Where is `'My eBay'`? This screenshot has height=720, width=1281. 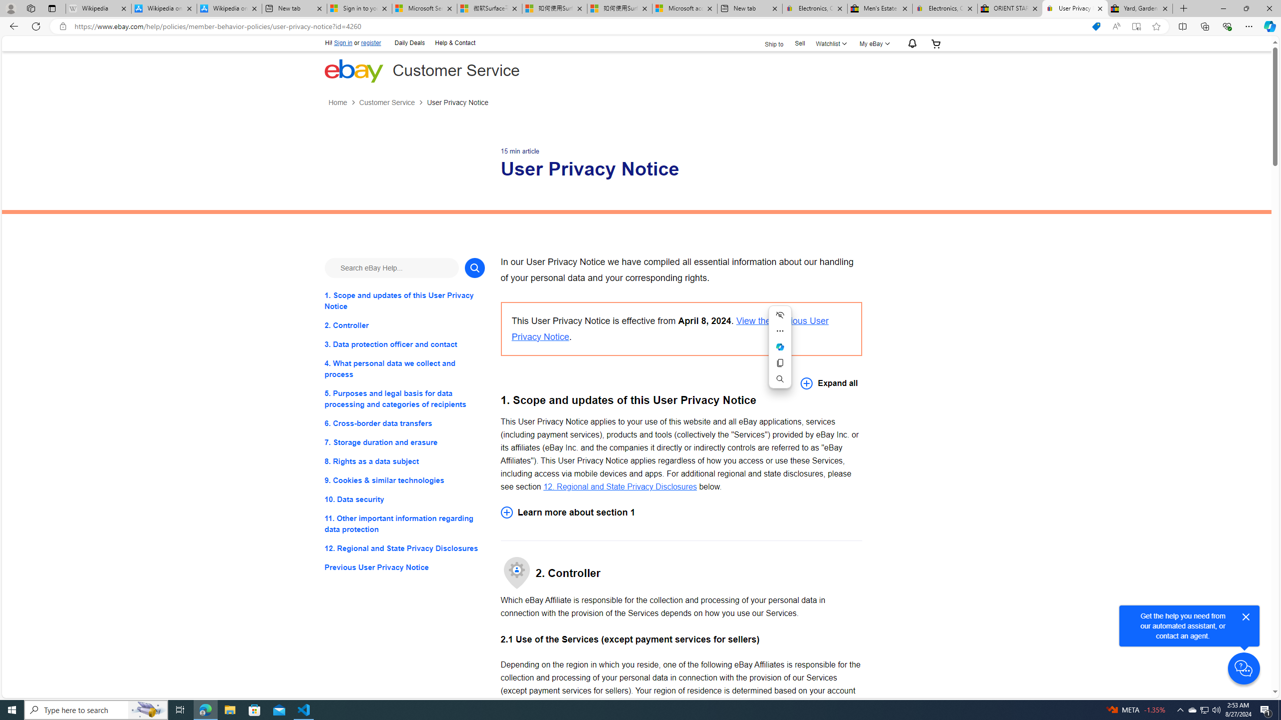 'My eBay' is located at coordinates (873, 43).